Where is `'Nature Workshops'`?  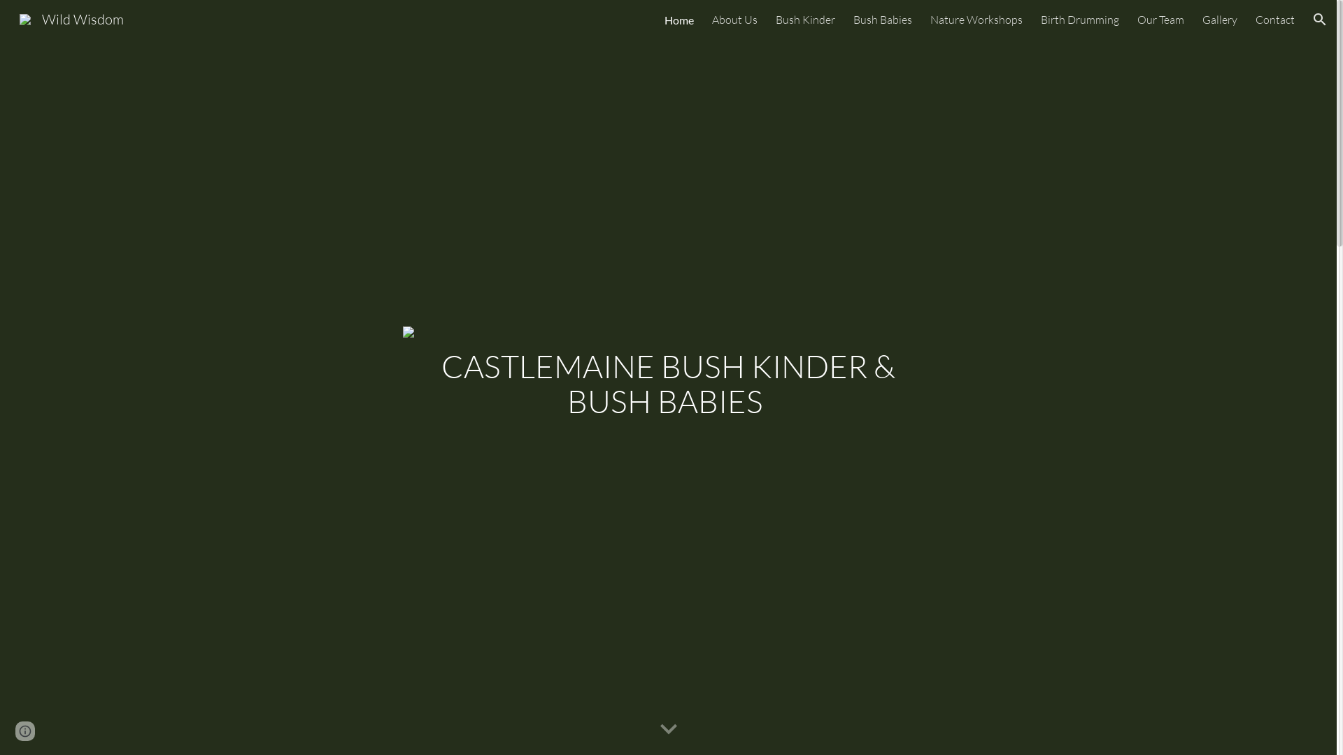 'Nature Workshops' is located at coordinates (976, 19).